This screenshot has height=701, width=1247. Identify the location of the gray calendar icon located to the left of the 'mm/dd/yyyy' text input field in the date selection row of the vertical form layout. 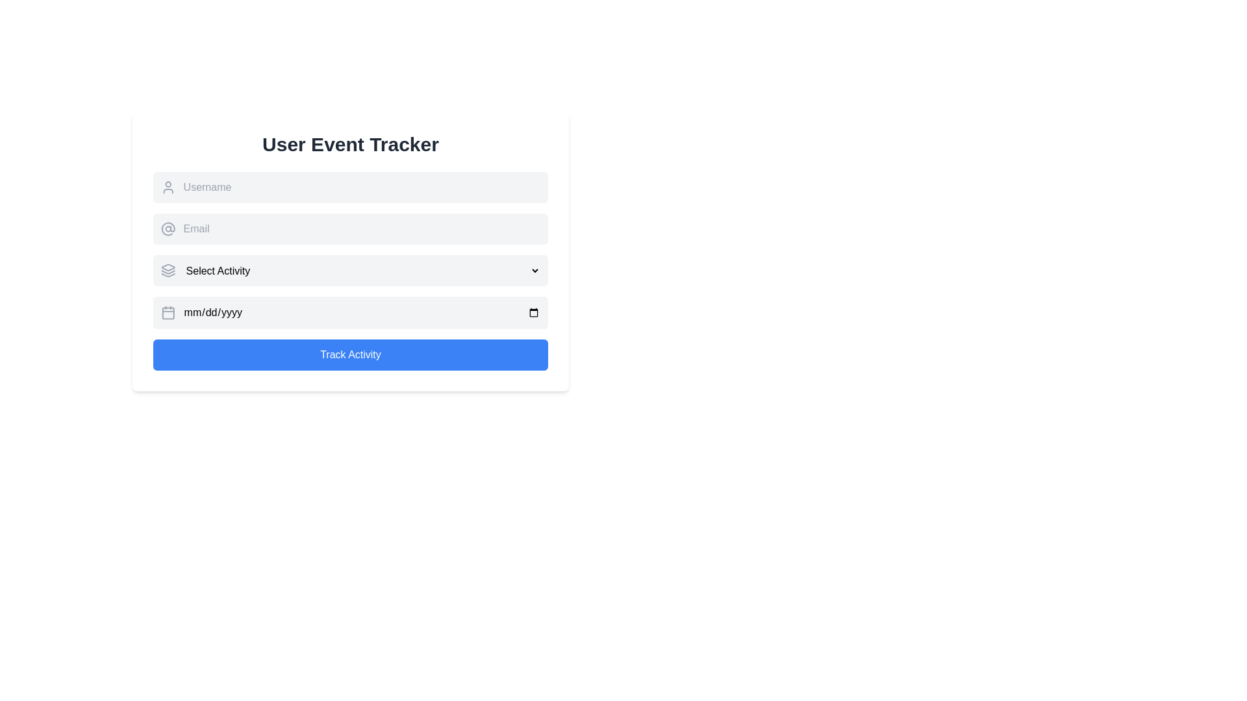
(168, 313).